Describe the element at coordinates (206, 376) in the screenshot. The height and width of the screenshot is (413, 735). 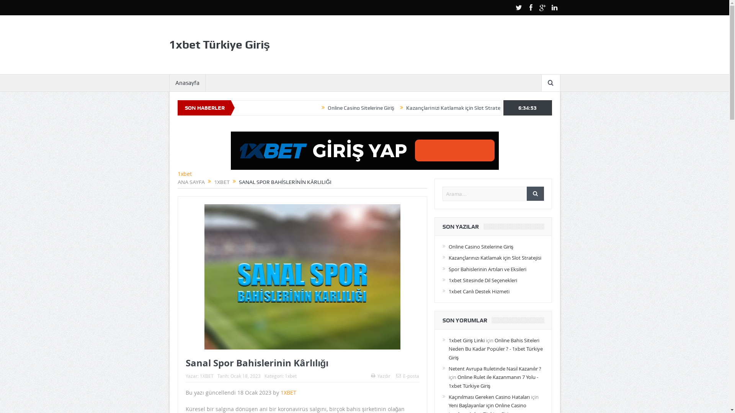
I see `'1XBET'` at that location.